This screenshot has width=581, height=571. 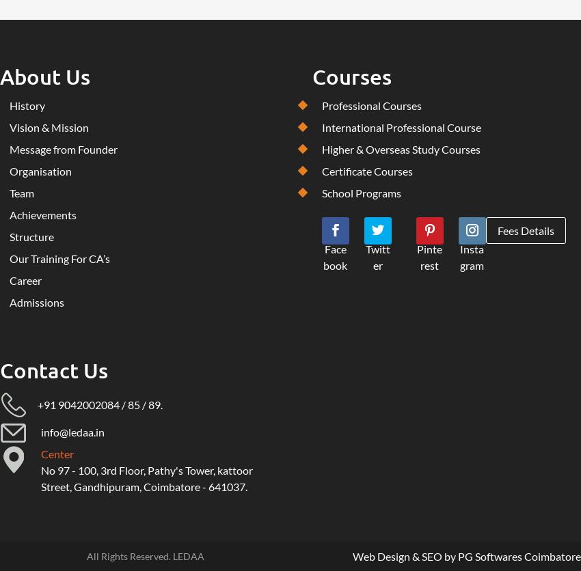 What do you see at coordinates (27, 105) in the screenshot?
I see `'History'` at bounding box center [27, 105].